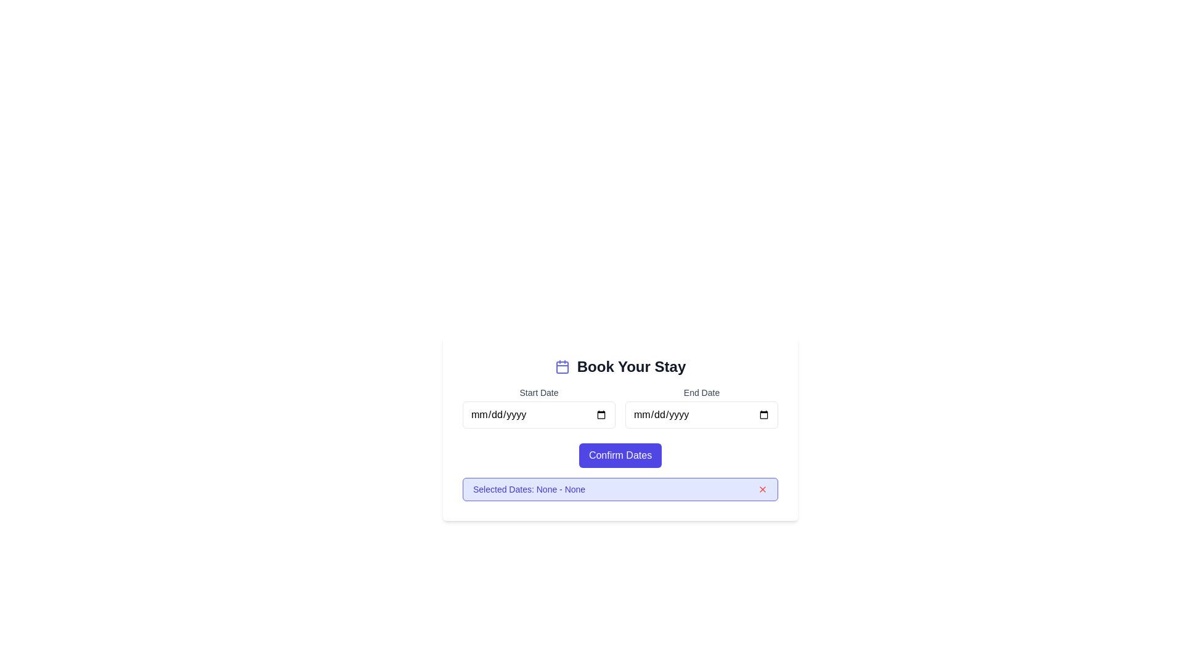 This screenshot has width=1183, height=665. Describe the element at coordinates (701, 392) in the screenshot. I see `the Text Label that indicates the purpose of the associated date input field for specifying the 'End Date'` at that location.